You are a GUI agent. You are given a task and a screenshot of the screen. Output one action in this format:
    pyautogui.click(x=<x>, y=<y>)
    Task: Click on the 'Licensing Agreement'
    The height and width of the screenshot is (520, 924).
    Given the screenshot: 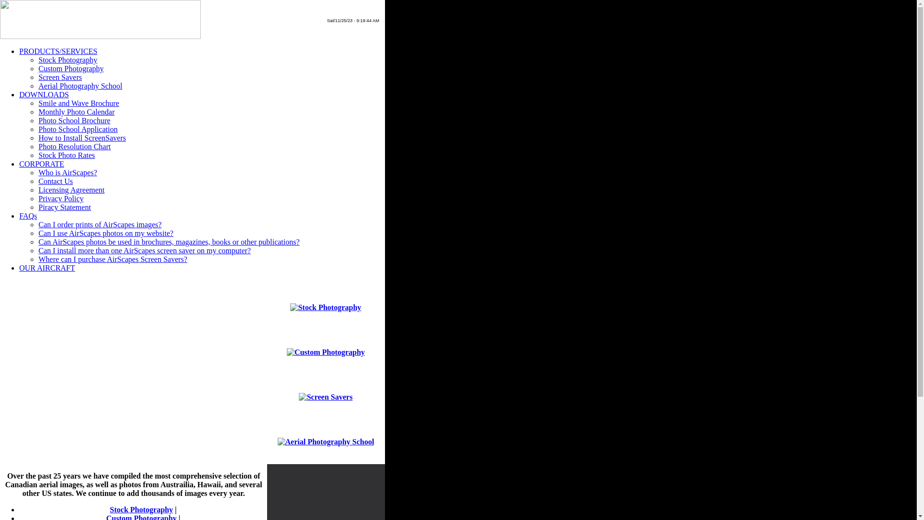 What is the action you would take?
    pyautogui.click(x=71, y=190)
    